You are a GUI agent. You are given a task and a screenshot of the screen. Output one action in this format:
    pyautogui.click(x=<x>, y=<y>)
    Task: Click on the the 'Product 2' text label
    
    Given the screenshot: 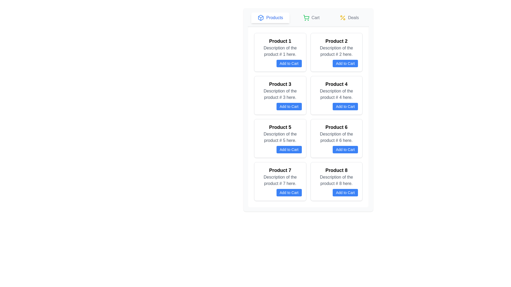 What is the action you would take?
    pyautogui.click(x=336, y=41)
    